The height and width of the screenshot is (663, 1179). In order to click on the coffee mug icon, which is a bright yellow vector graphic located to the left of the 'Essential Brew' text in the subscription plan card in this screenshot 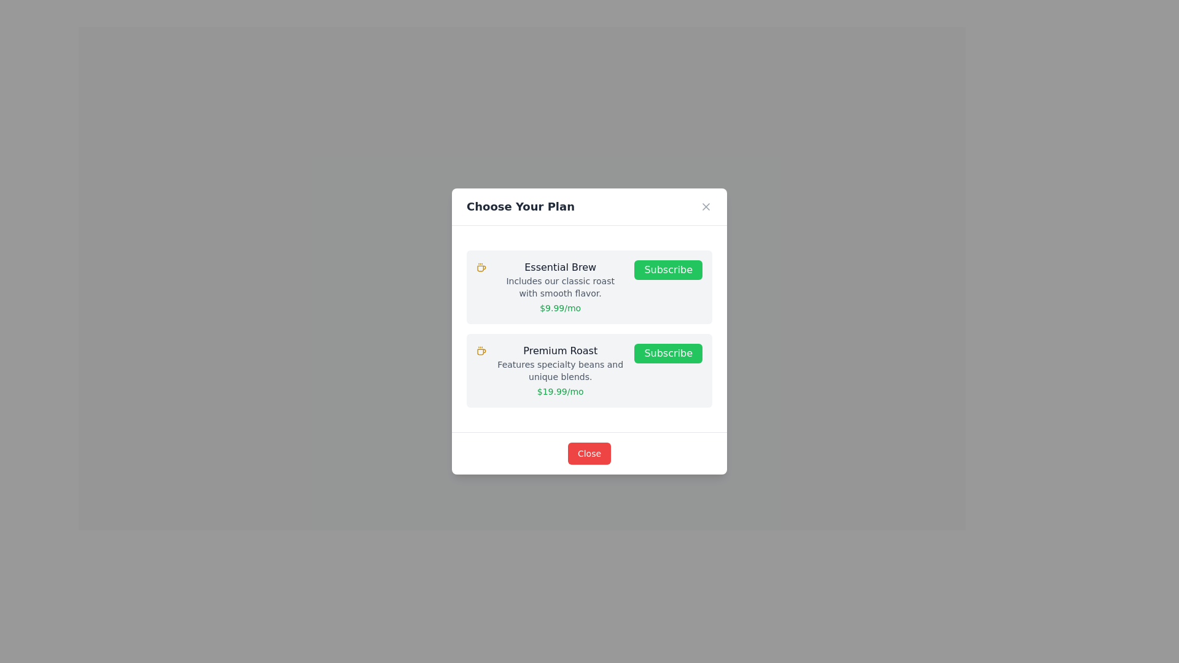, I will do `click(480, 266)`.